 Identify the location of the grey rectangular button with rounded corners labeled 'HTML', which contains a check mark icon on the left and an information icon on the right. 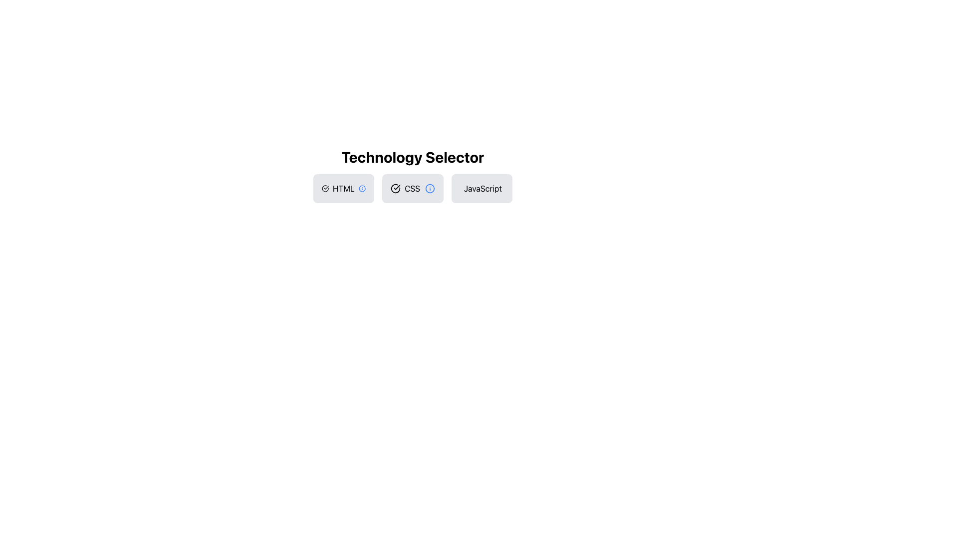
(343, 189).